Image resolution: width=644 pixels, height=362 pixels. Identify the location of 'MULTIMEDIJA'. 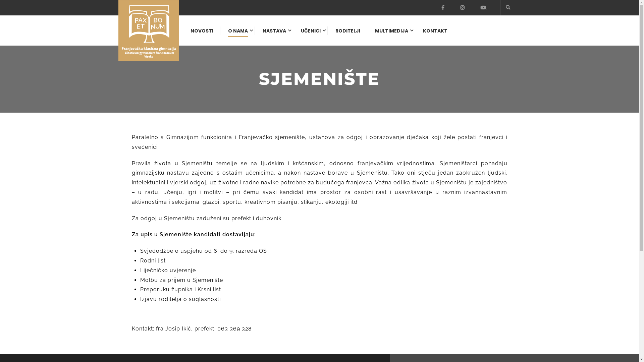
(368, 34).